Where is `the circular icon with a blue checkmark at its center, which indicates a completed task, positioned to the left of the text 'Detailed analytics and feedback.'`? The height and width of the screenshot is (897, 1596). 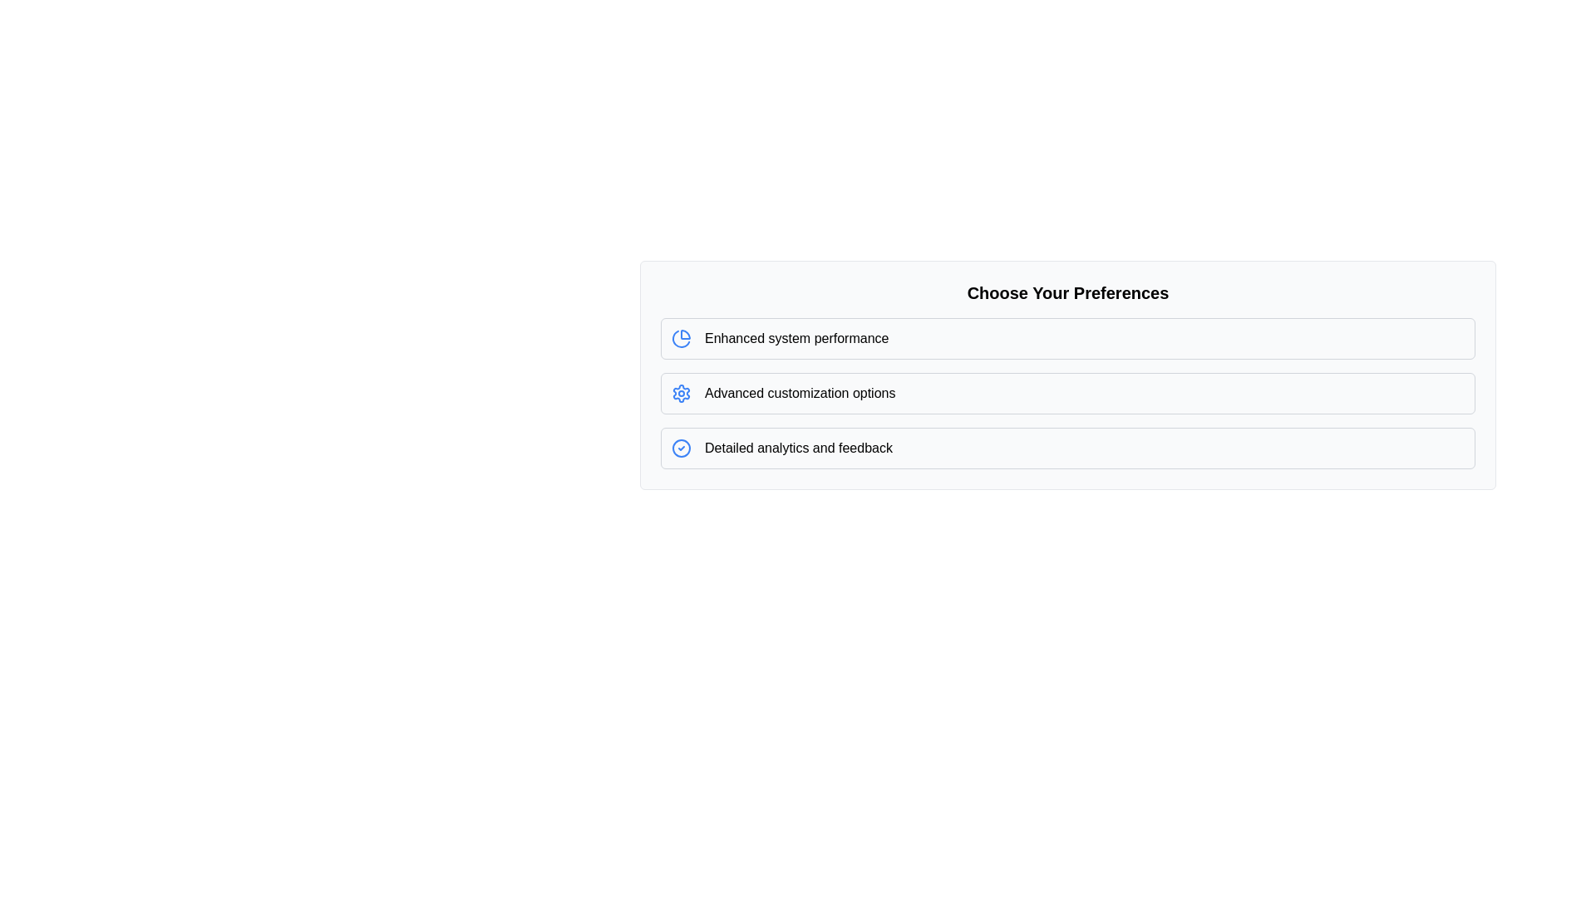
the circular icon with a blue checkmark at its center, which indicates a completed task, positioned to the left of the text 'Detailed analytics and feedback.' is located at coordinates (682, 448).